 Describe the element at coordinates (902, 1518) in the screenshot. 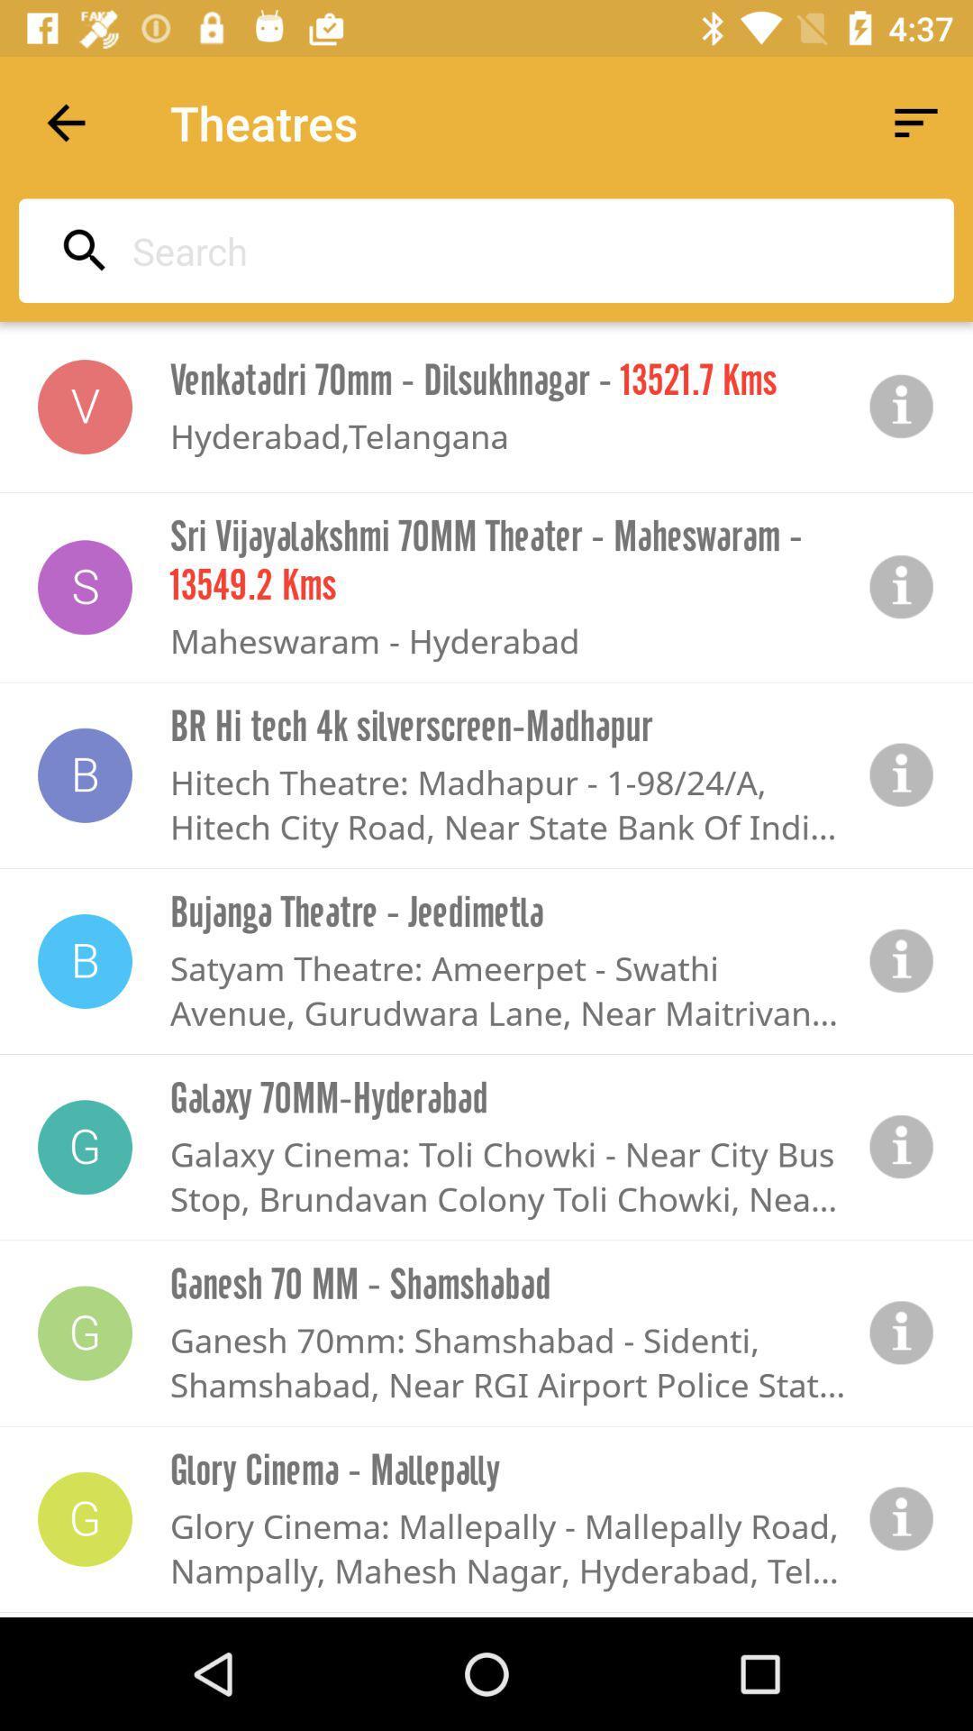

I see `more information` at that location.